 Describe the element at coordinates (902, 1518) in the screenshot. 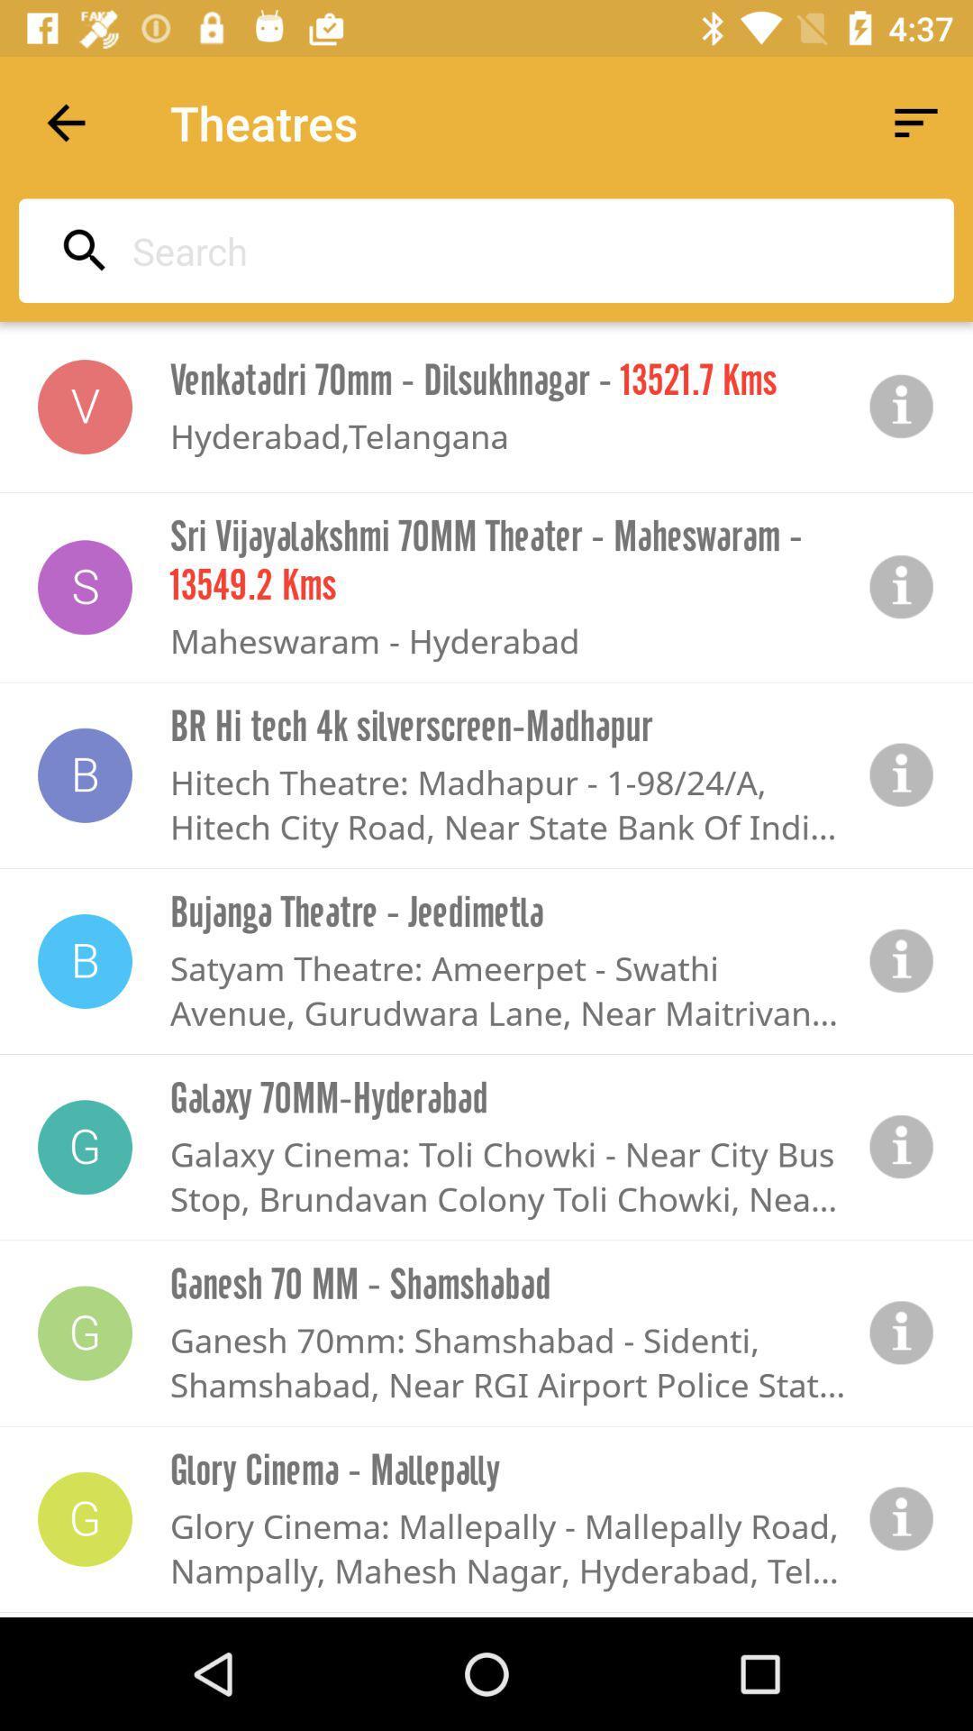

I see `more information` at that location.